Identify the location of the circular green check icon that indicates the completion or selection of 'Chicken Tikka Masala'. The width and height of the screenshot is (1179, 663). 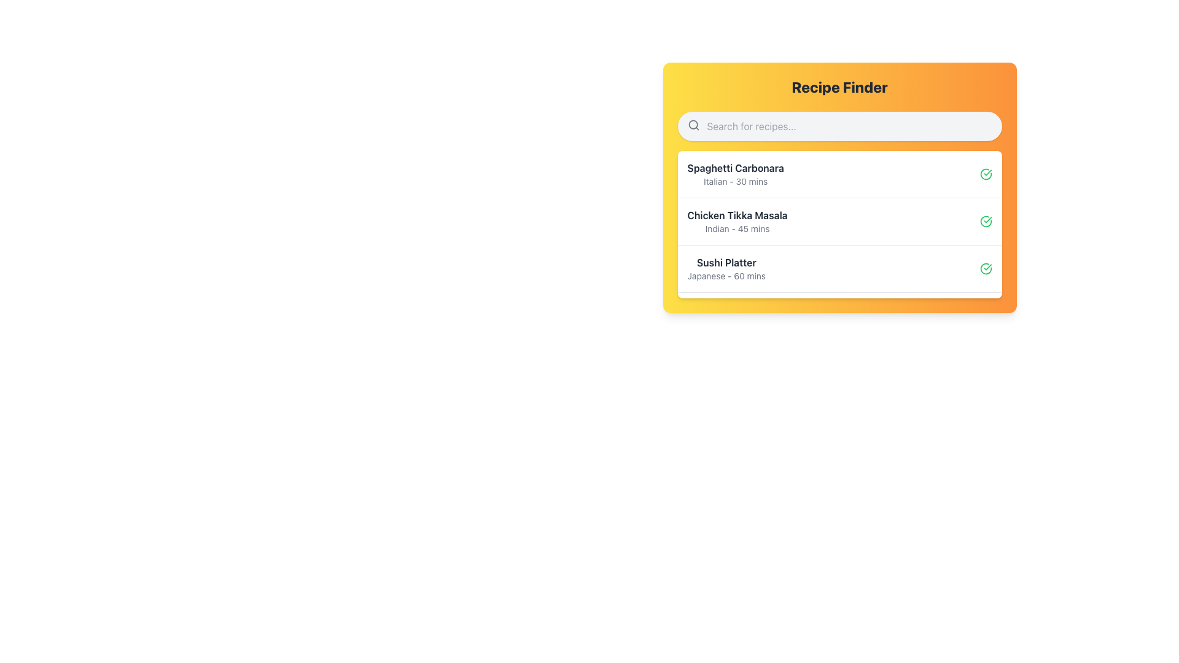
(986, 222).